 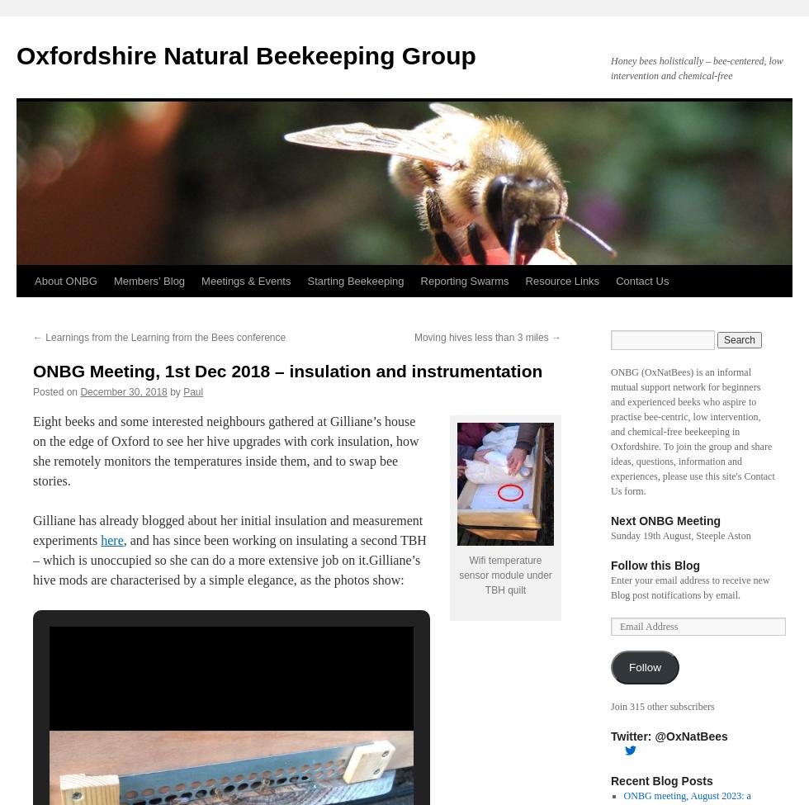 What do you see at coordinates (229, 550) in the screenshot?
I see `', and has since been working on insulating a second TBH – which is unoccupied so she can do a more extensive job on it.'` at bounding box center [229, 550].